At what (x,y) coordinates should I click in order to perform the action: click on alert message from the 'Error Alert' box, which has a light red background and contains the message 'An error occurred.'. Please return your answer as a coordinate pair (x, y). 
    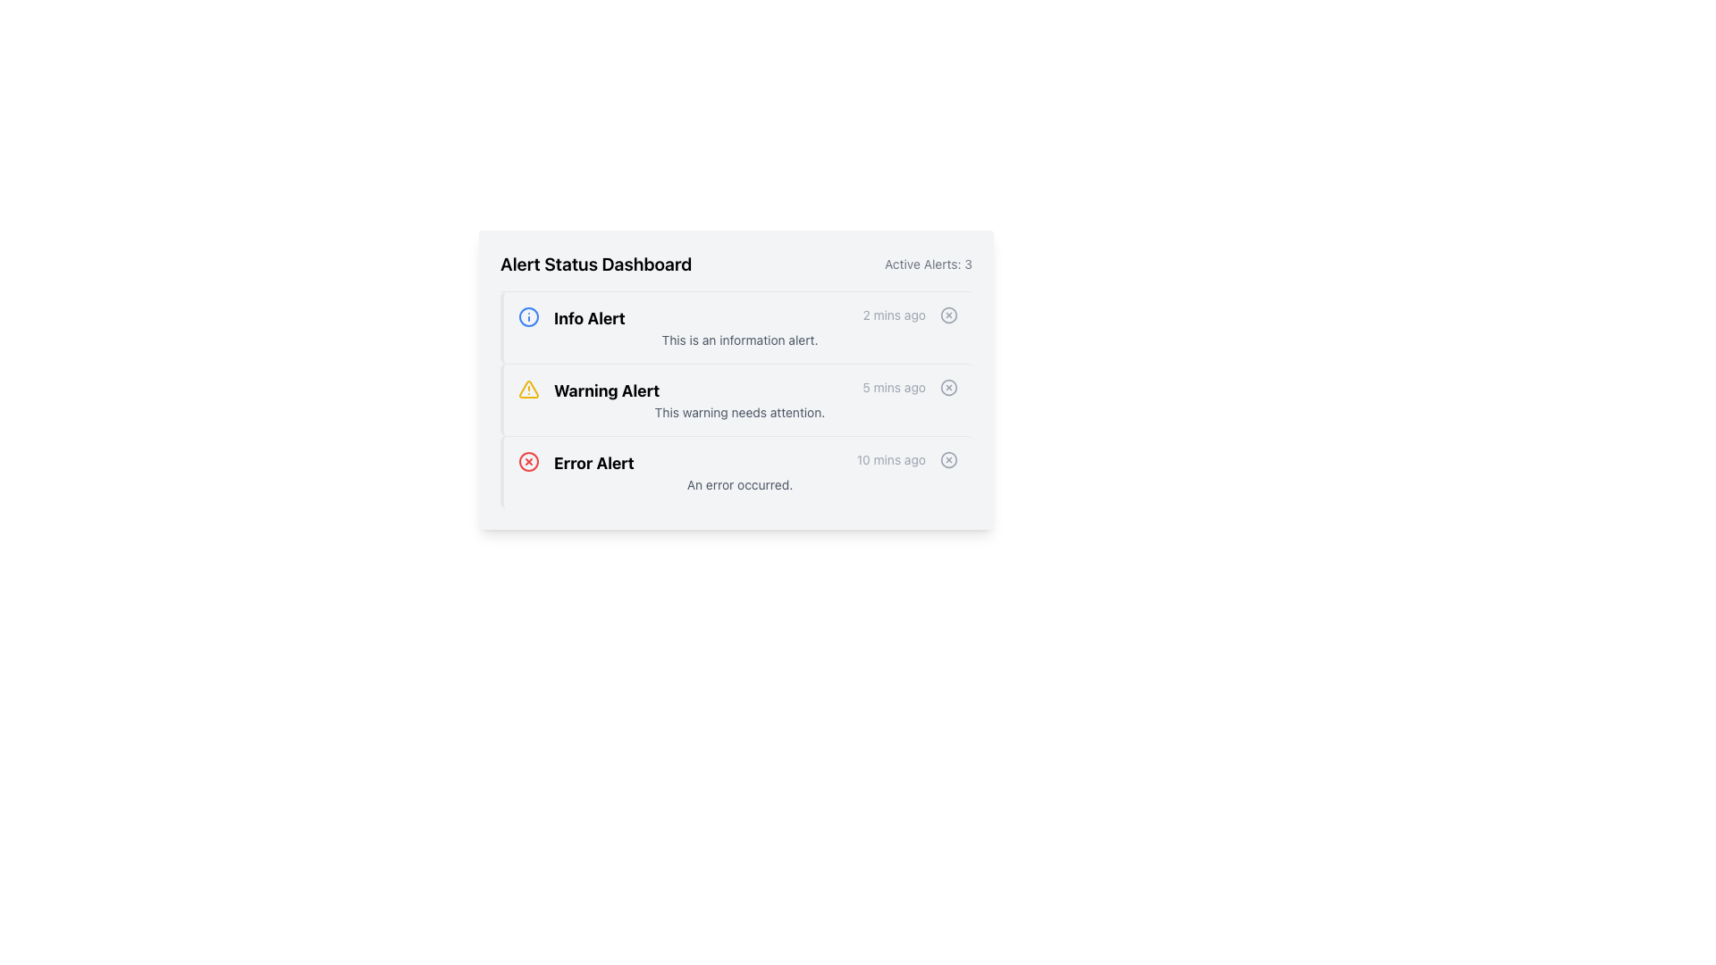
    Looking at the image, I should click on (736, 471).